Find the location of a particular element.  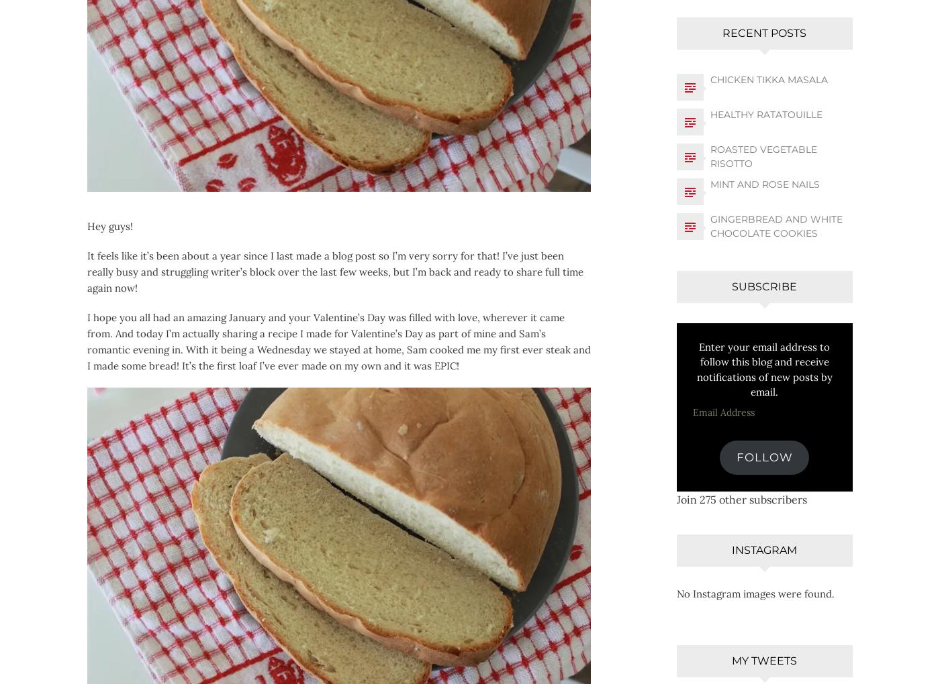

'Subscribe' is located at coordinates (764, 285).